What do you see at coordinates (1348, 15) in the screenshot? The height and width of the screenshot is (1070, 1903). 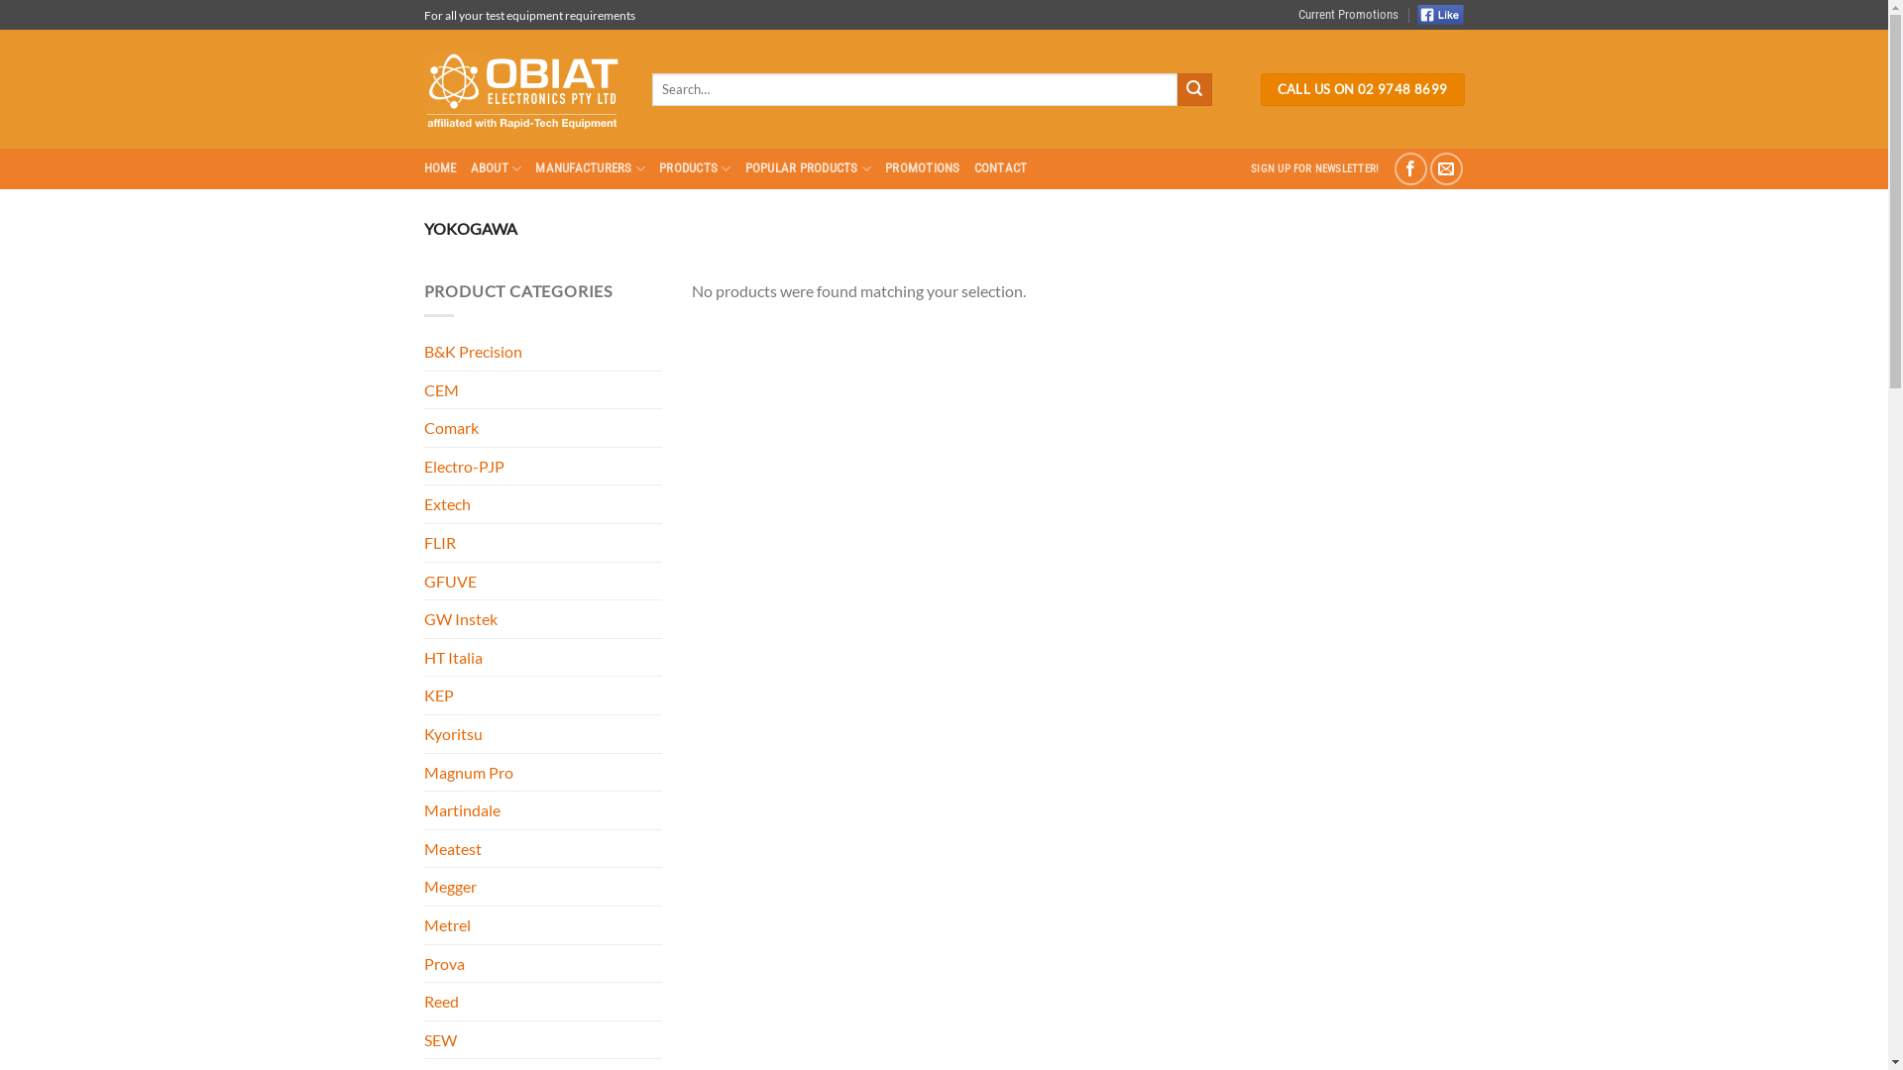 I see `'Current Promotions'` at bounding box center [1348, 15].